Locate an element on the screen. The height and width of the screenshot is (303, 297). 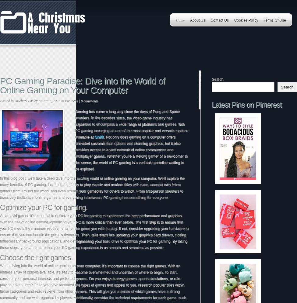
'Optimize your PC for gaming.' is located at coordinates (0, 207).